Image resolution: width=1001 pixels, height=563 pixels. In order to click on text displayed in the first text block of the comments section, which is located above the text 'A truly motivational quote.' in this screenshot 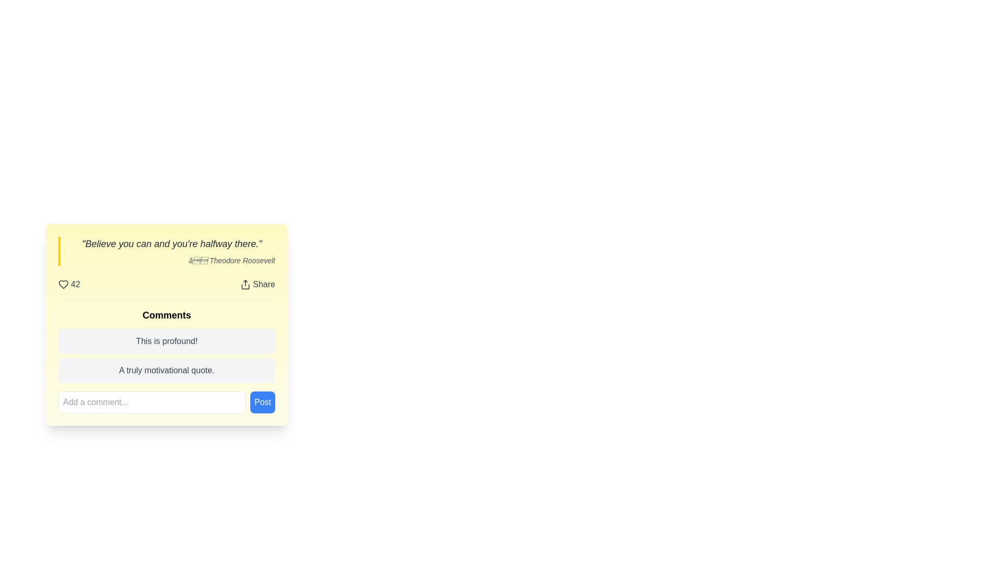, I will do `click(167, 341)`.